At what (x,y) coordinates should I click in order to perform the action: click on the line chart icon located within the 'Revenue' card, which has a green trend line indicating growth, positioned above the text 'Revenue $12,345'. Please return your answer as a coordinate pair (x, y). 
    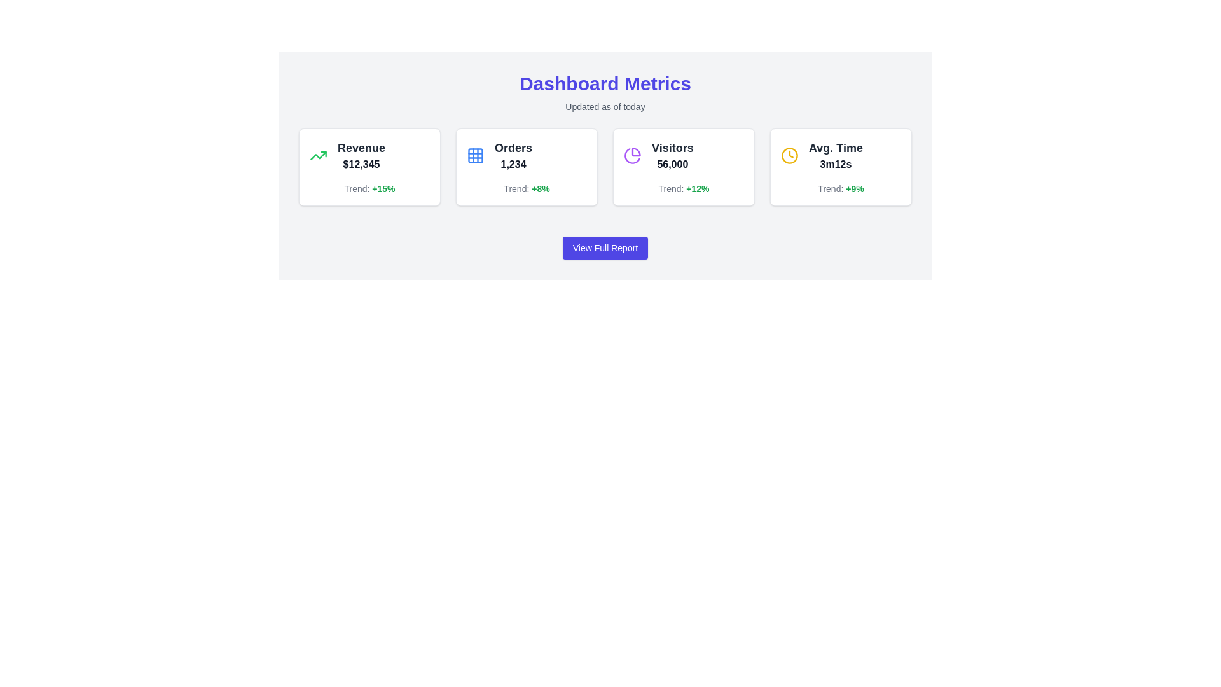
    Looking at the image, I should click on (318, 155).